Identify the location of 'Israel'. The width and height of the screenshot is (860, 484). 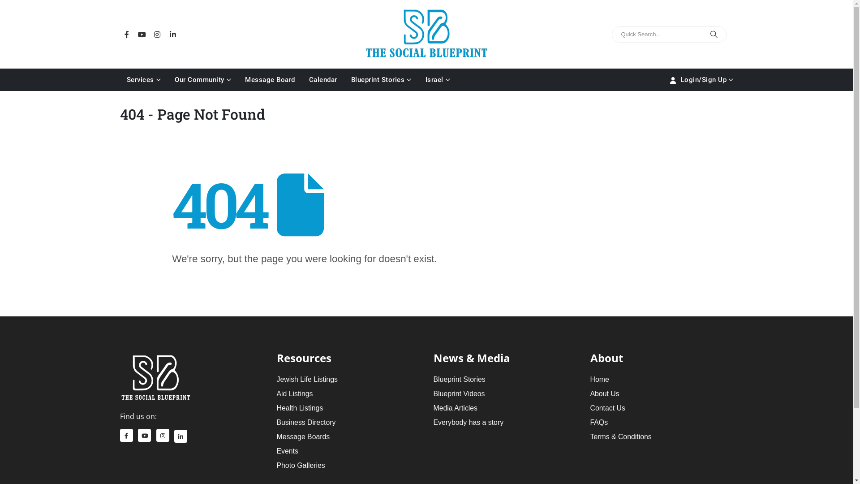
(418, 79).